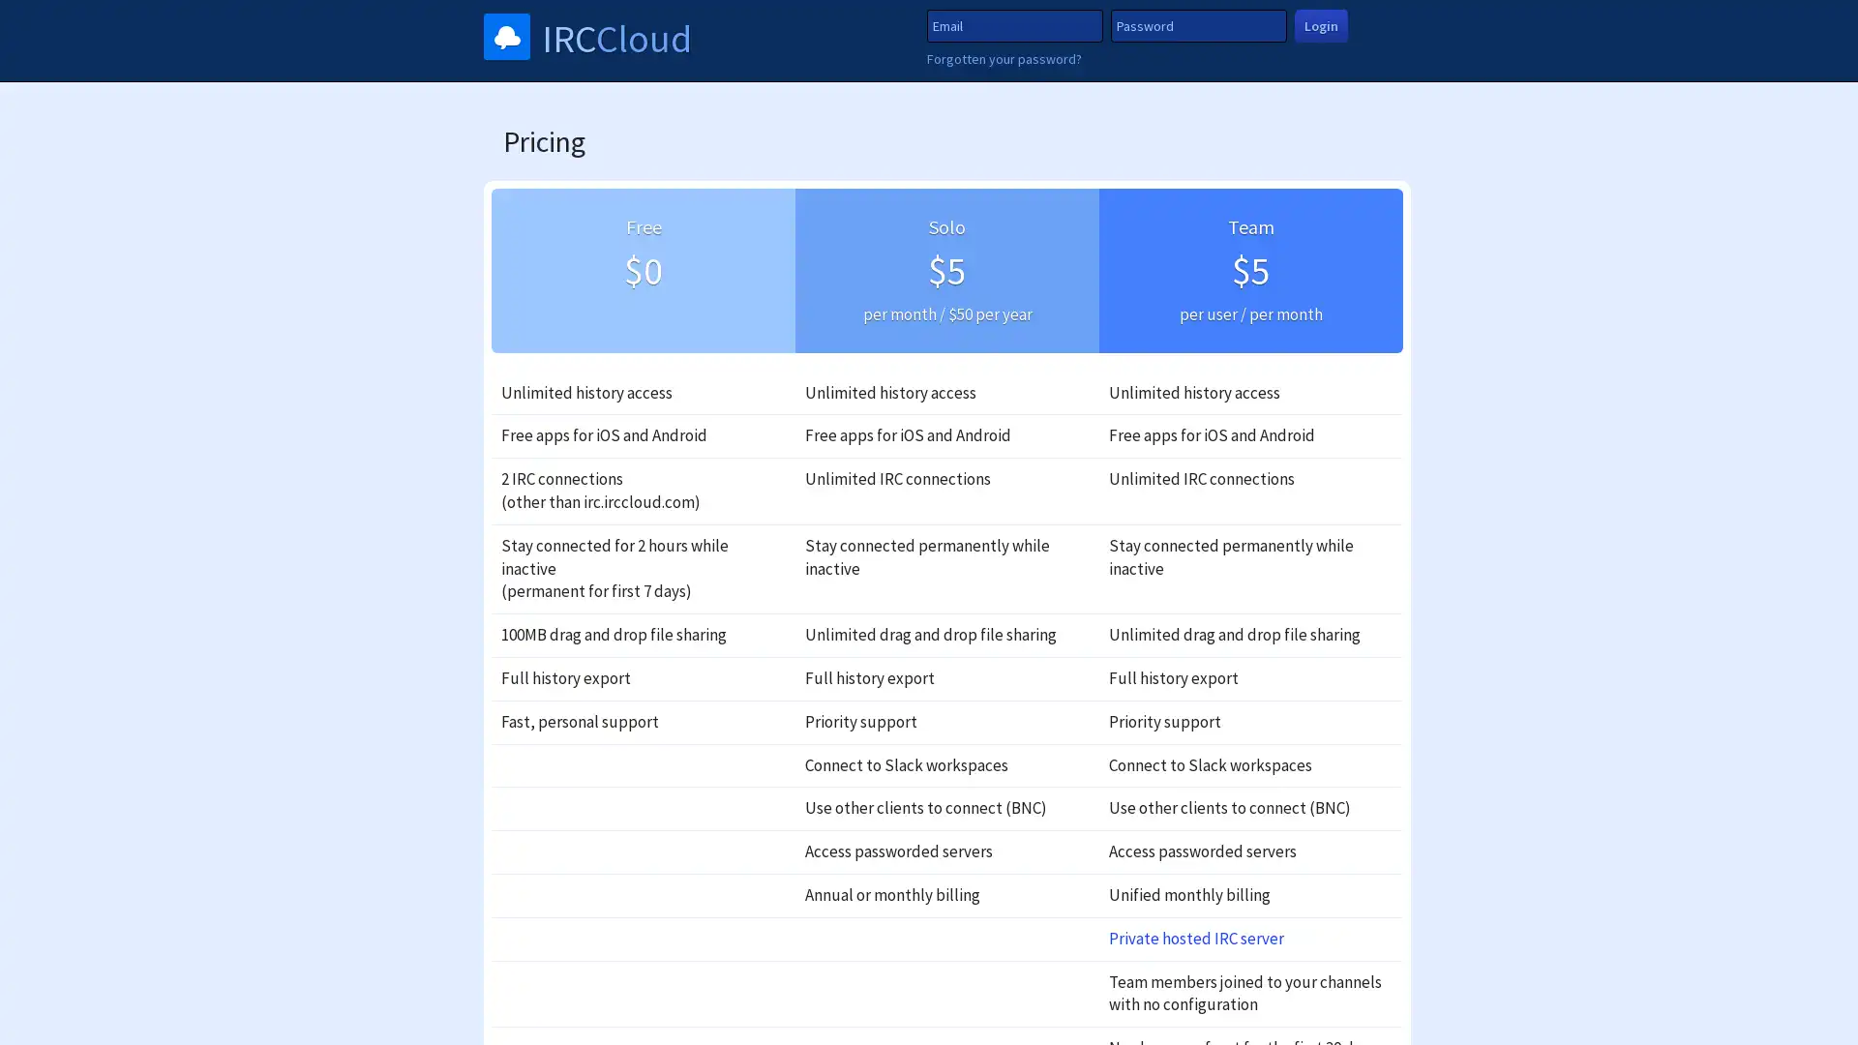 This screenshot has height=1045, width=1858. What do you see at coordinates (1320, 25) in the screenshot?
I see `Login` at bounding box center [1320, 25].